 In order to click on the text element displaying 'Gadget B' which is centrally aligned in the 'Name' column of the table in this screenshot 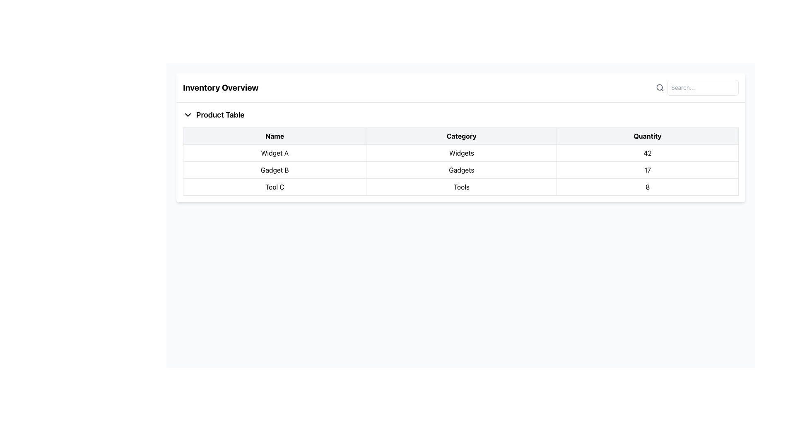, I will do `click(275, 170)`.